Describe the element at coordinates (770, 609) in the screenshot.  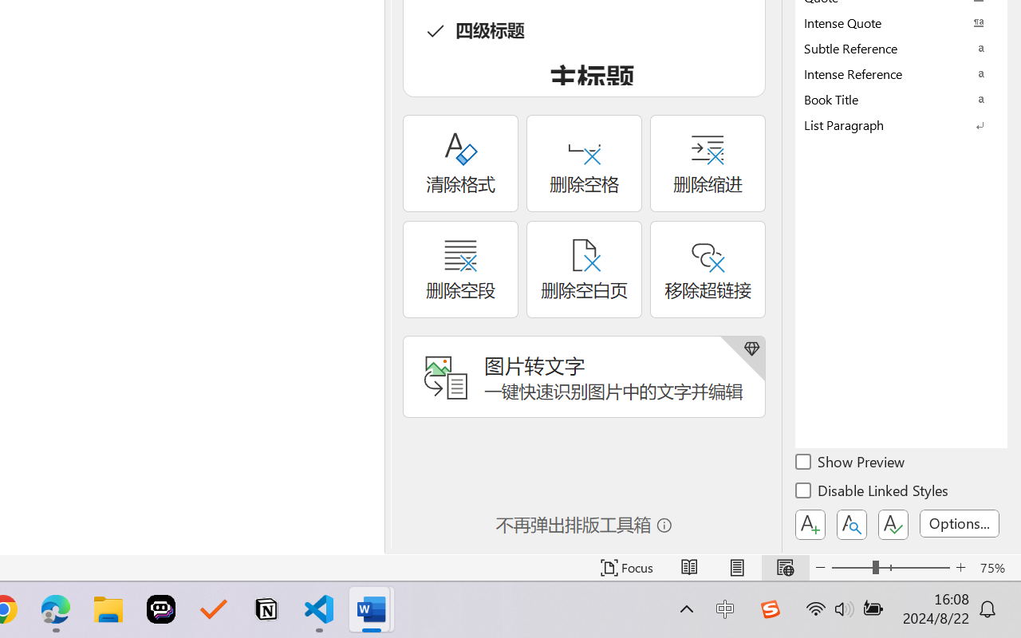
I see `'Class: Image'` at that location.